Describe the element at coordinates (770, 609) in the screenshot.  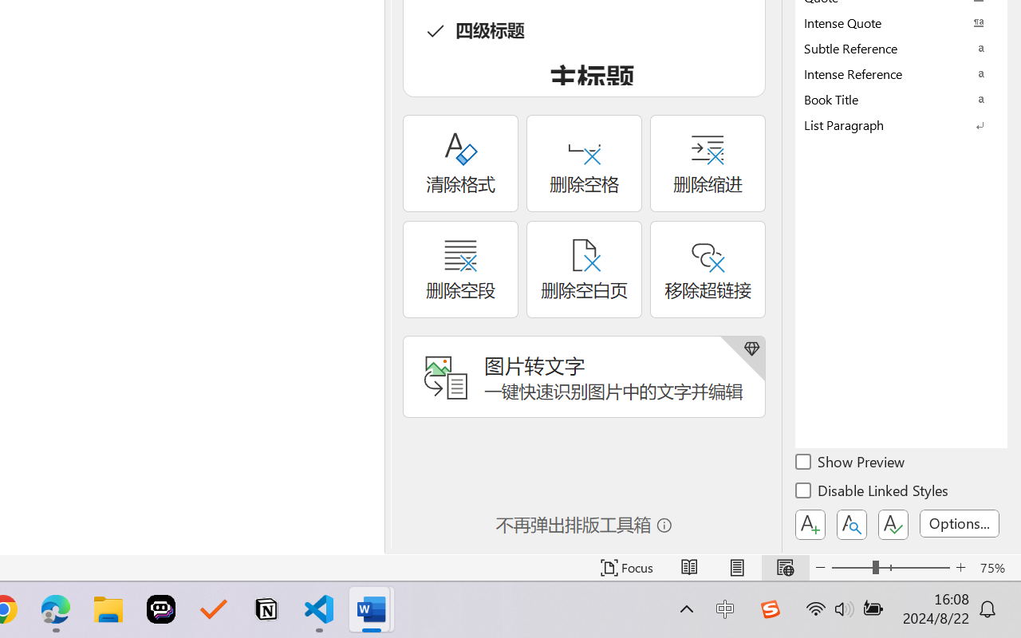
I see `'Class: Image'` at that location.